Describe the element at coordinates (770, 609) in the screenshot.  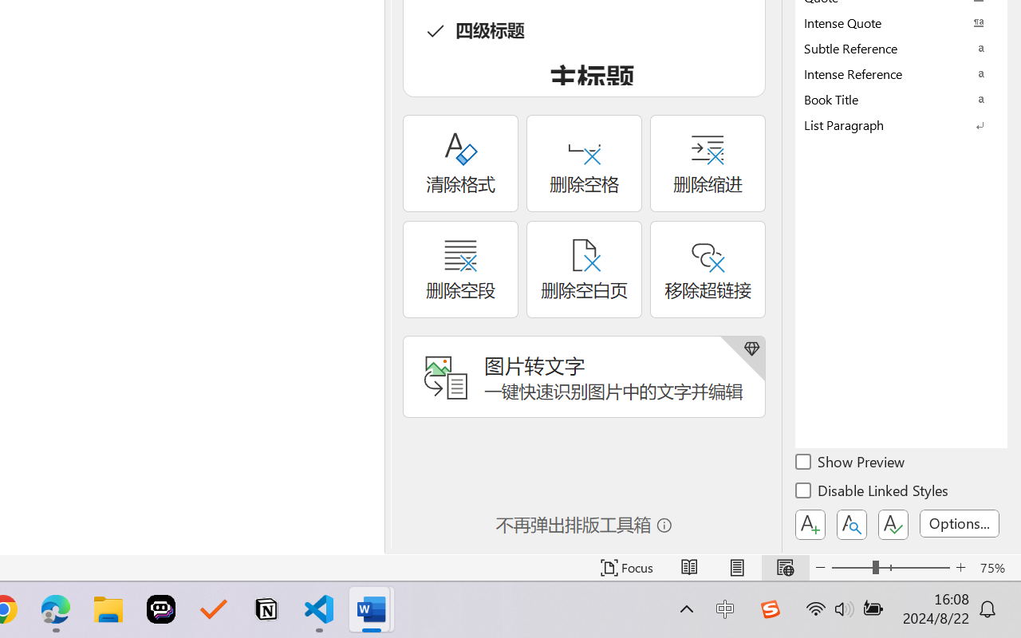
I see `'Class: Image'` at that location.